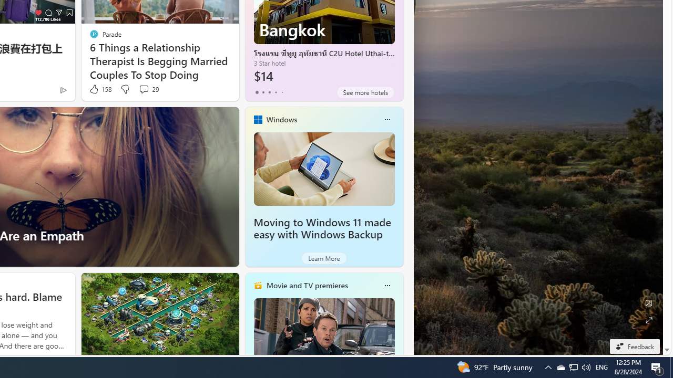 Image resolution: width=673 pixels, height=378 pixels. Describe the element at coordinates (125, 89) in the screenshot. I see `'Dislike'` at that location.